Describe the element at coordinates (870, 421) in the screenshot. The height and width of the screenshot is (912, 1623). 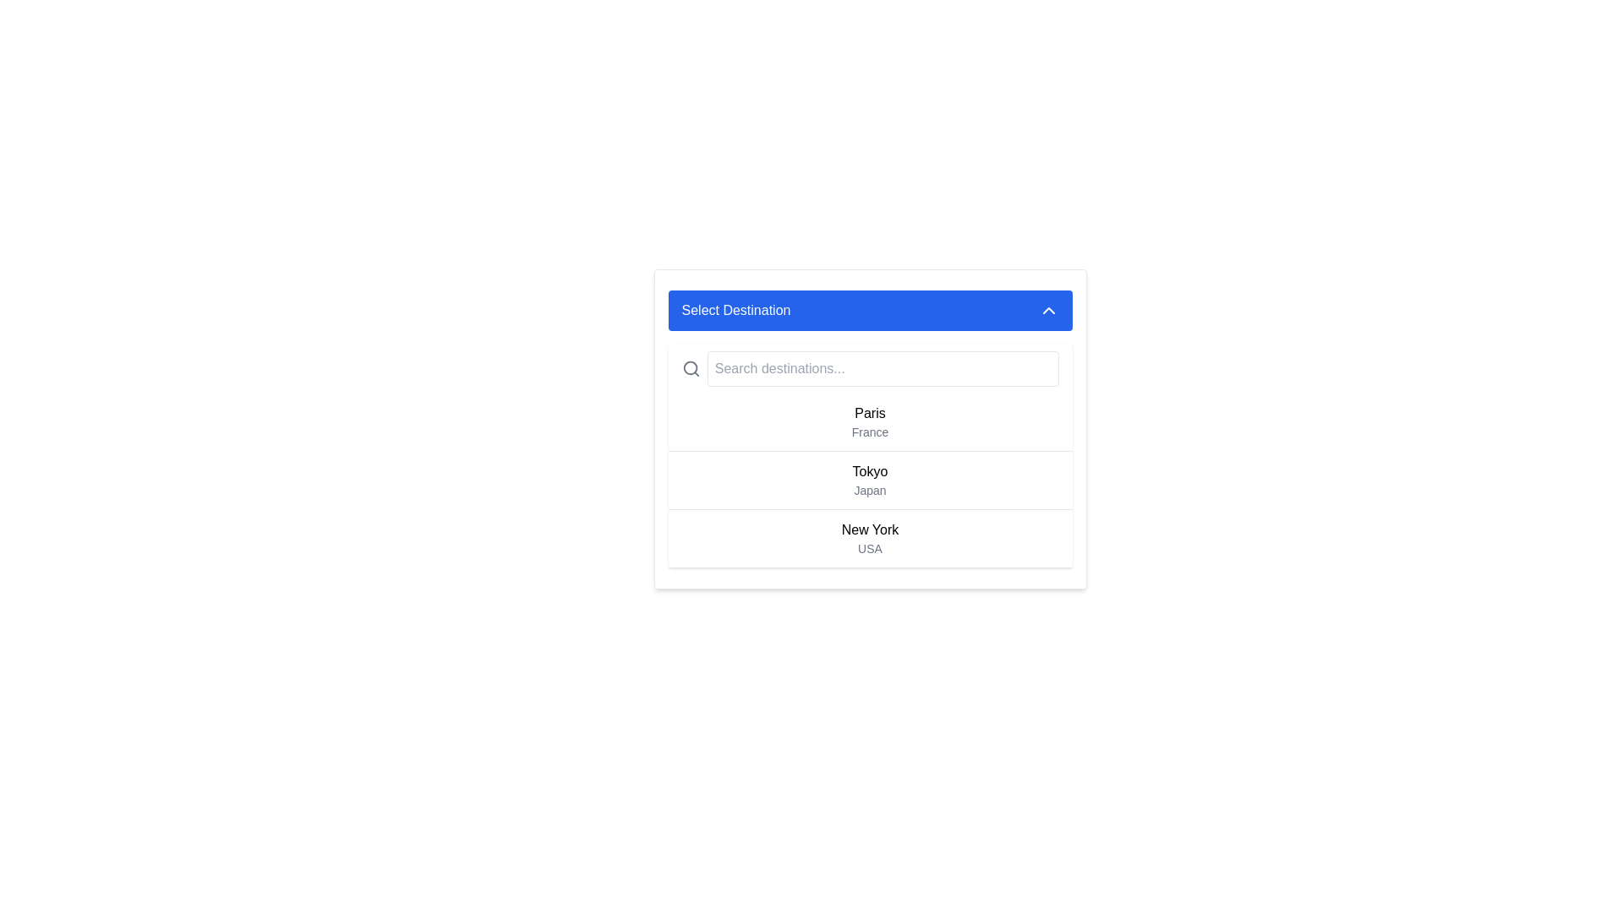
I see `the first item in the dropdown list representing 'Paris, France'` at that location.